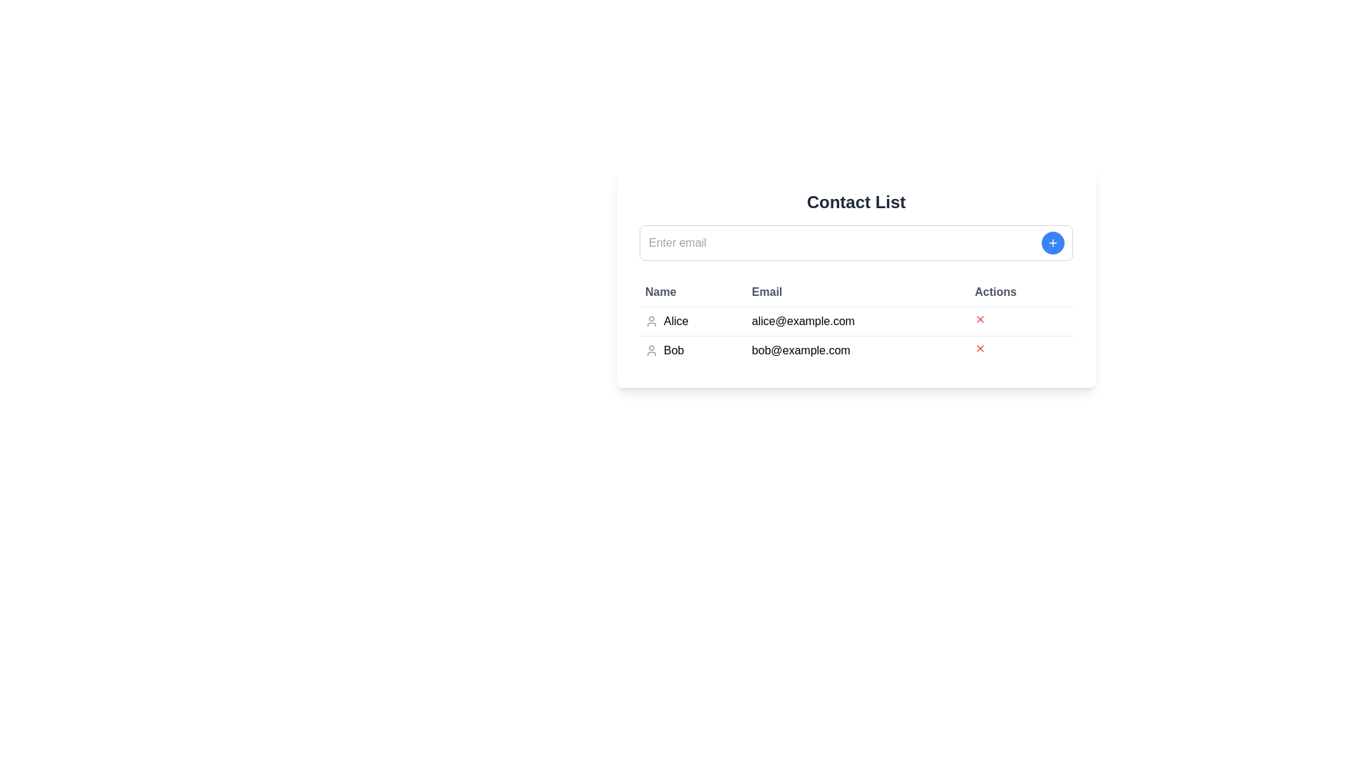  I want to click on the small circular button with a blue background and a white plus icon located in the top right corner of the 'Contact List' panel, so click(1053, 242).